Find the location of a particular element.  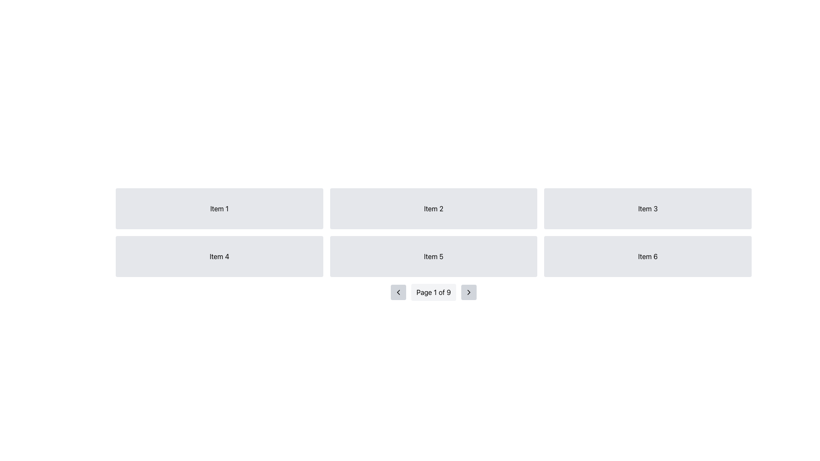

the left chevron navigation icon is located at coordinates (398, 292).